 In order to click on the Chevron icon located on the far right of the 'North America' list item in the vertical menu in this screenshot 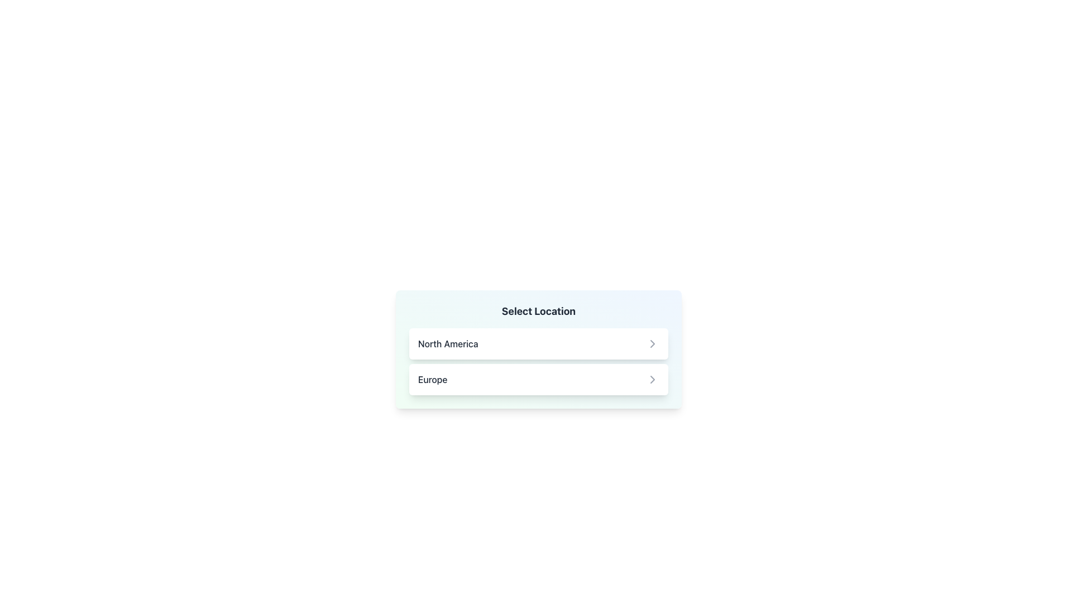, I will do `click(653, 343)`.